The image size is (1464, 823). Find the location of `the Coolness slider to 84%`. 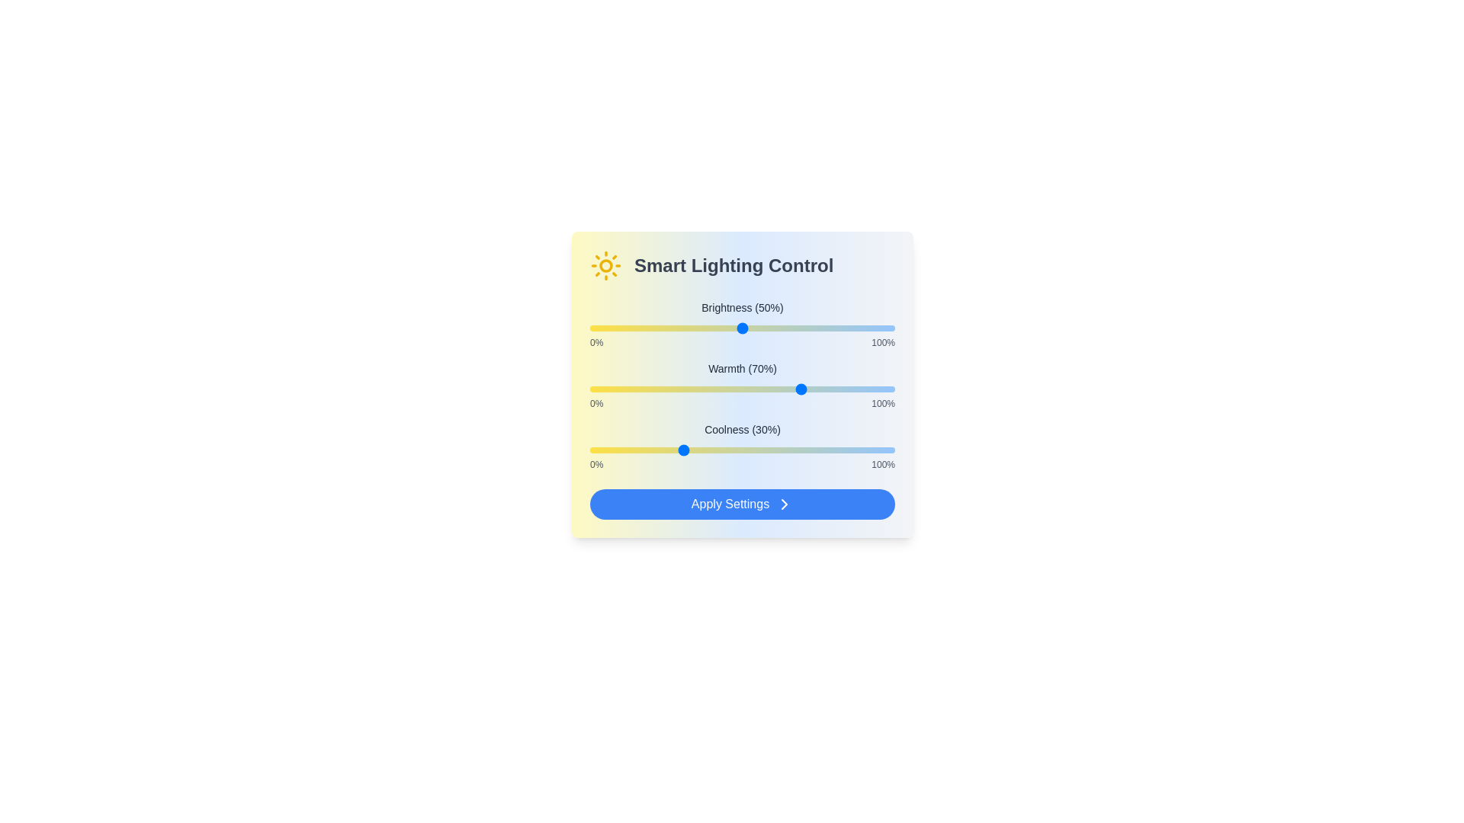

the Coolness slider to 84% is located at coordinates (845, 449).